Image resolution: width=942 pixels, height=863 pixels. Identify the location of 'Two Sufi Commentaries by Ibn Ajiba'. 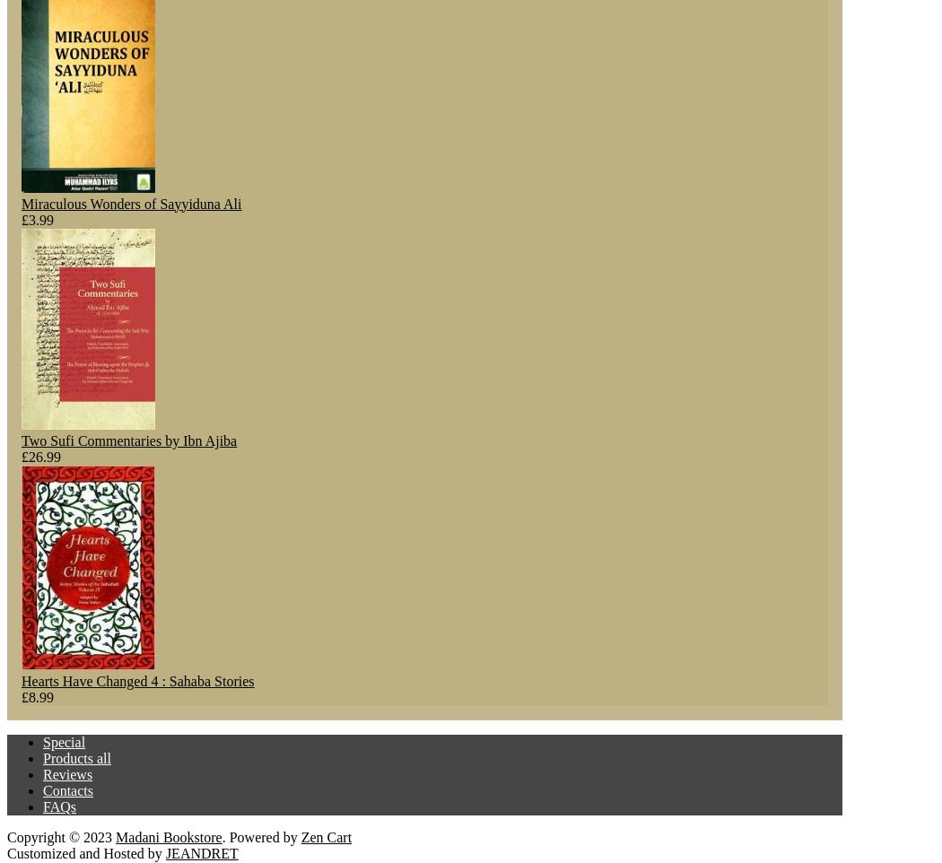
(22, 440).